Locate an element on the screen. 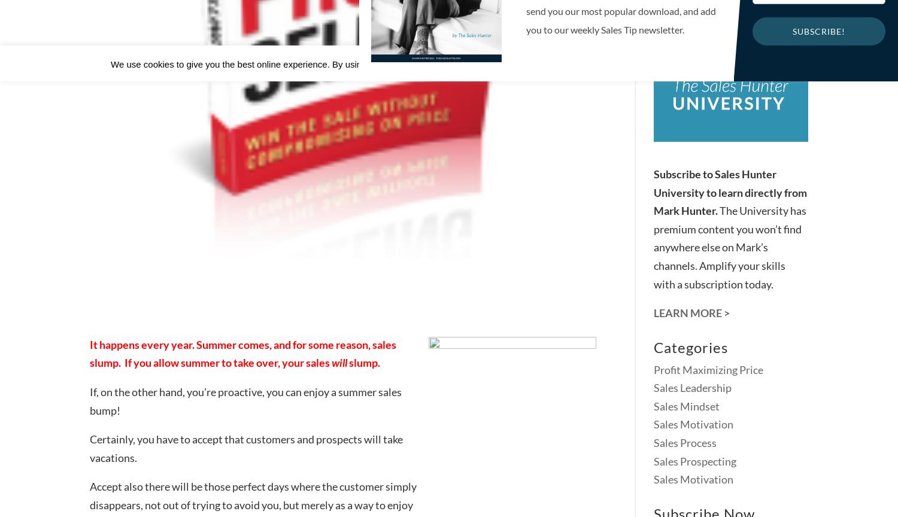  'Sales Process' is located at coordinates (685, 443).